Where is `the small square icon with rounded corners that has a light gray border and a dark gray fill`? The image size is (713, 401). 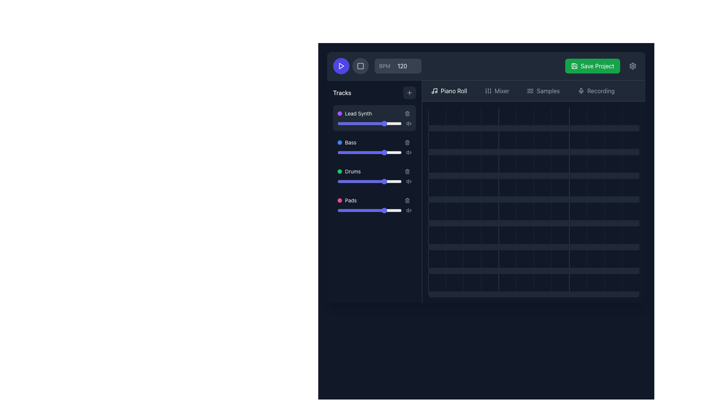 the small square icon with rounded corners that has a light gray border and a dark gray fill is located at coordinates (360, 65).